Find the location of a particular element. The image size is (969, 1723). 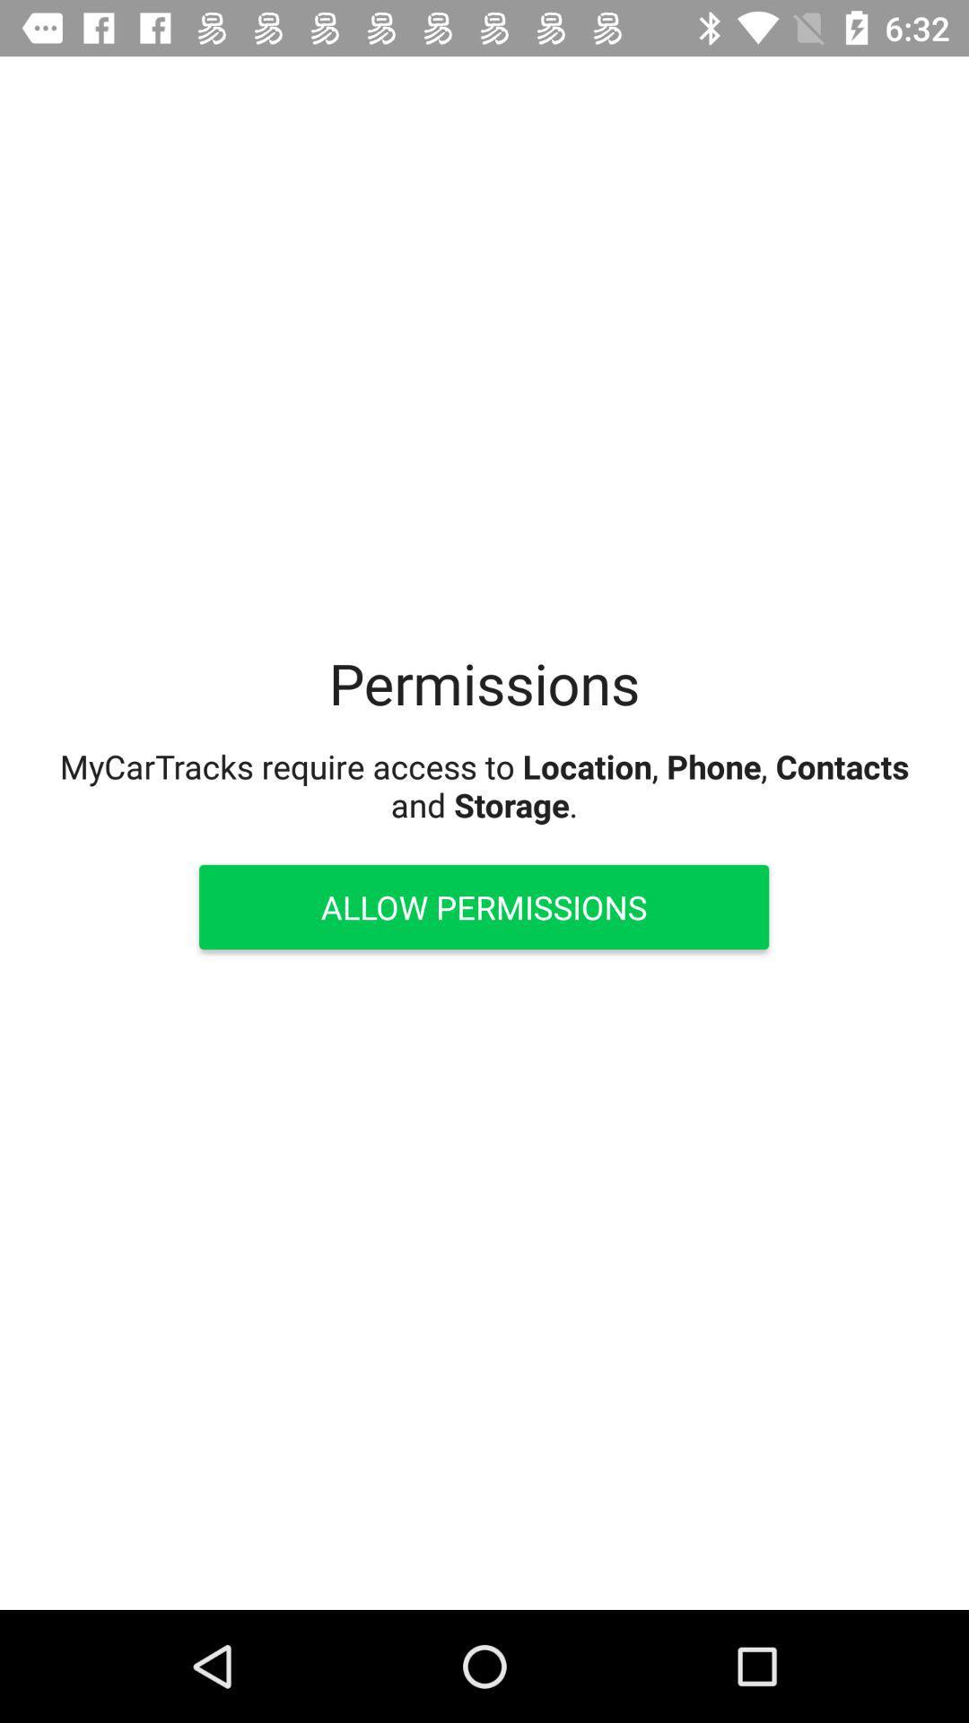

the item below mycartracks require access is located at coordinates (483, 907).